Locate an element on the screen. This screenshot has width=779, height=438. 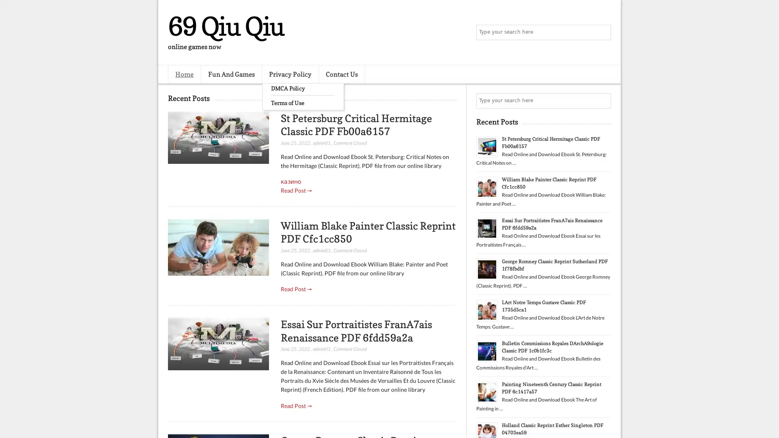
Search is located at coordinates (603, 101).